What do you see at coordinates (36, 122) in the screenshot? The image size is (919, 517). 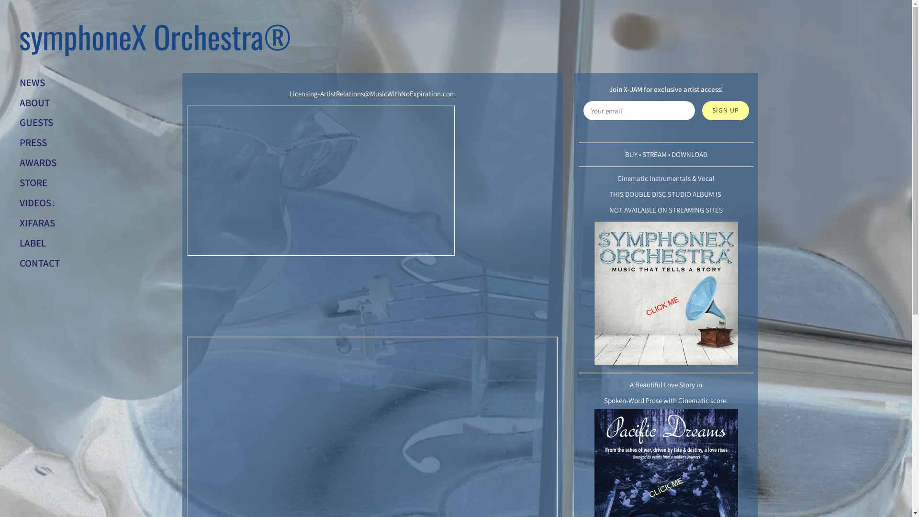 I see `'GUESTS'` at bounding box center [36, 122].